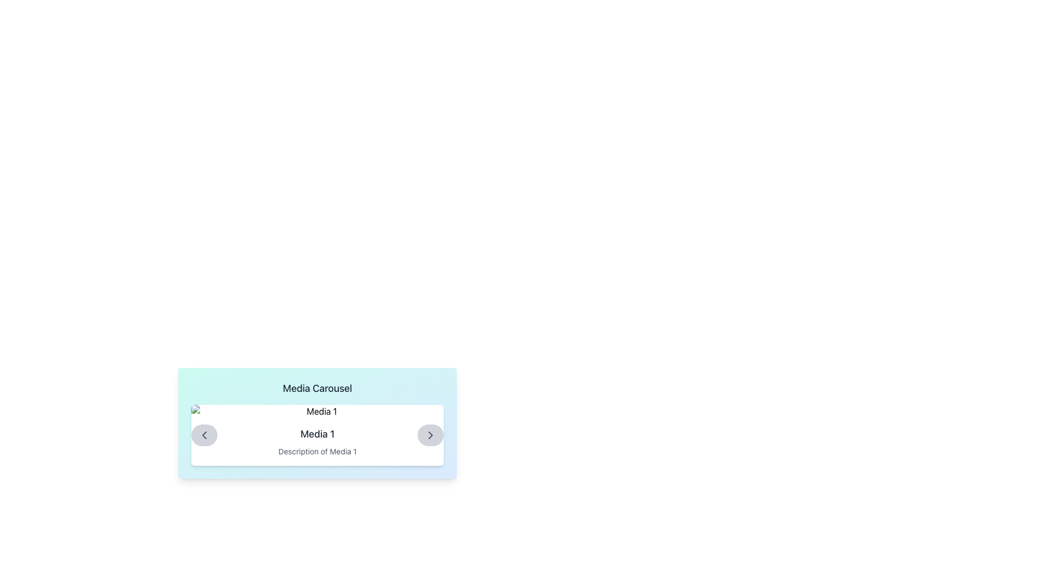 This screenshot has height=587, width=1044. What do you see at coordinates (430, 435) in the screenshot?
I see `the small circular button with a right-facing arrow icon` at bounding box center [430, 435].